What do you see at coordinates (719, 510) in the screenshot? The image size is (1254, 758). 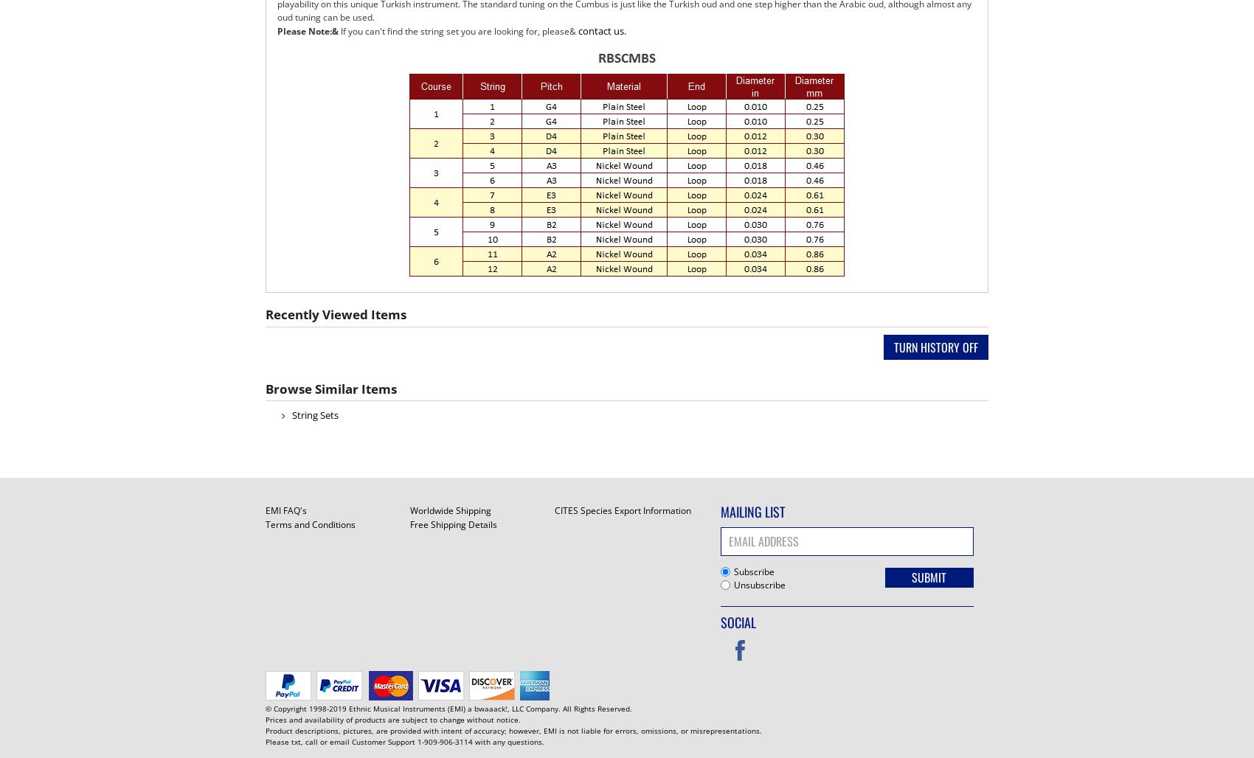 I see `'Mailing List'` at bounding box center [719, 510].